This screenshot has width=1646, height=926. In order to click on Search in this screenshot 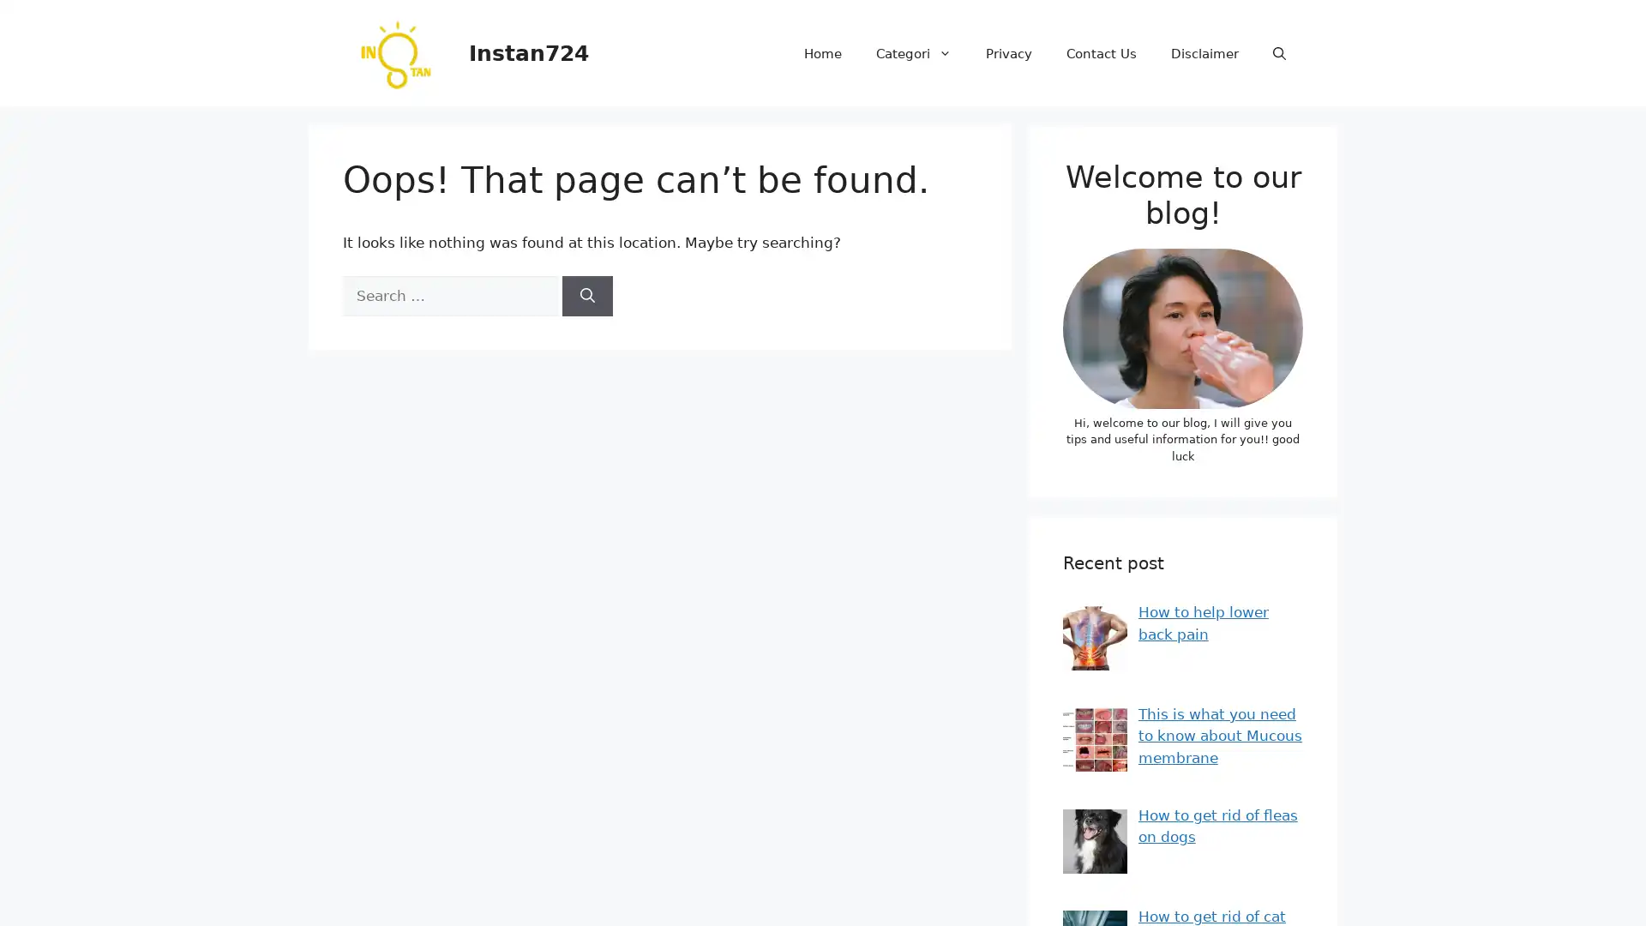, I will do `click(587, 294)`.